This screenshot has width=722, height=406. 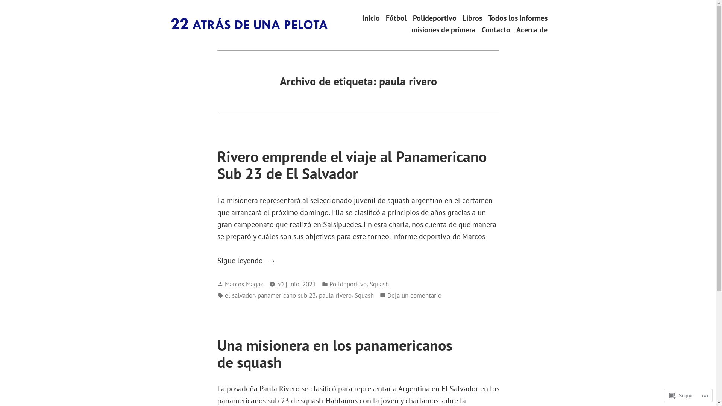 What do you see at coordinates (347, 284) in the screenshot?
I see `'Polideportivo'` at bounding box center [347, 284].